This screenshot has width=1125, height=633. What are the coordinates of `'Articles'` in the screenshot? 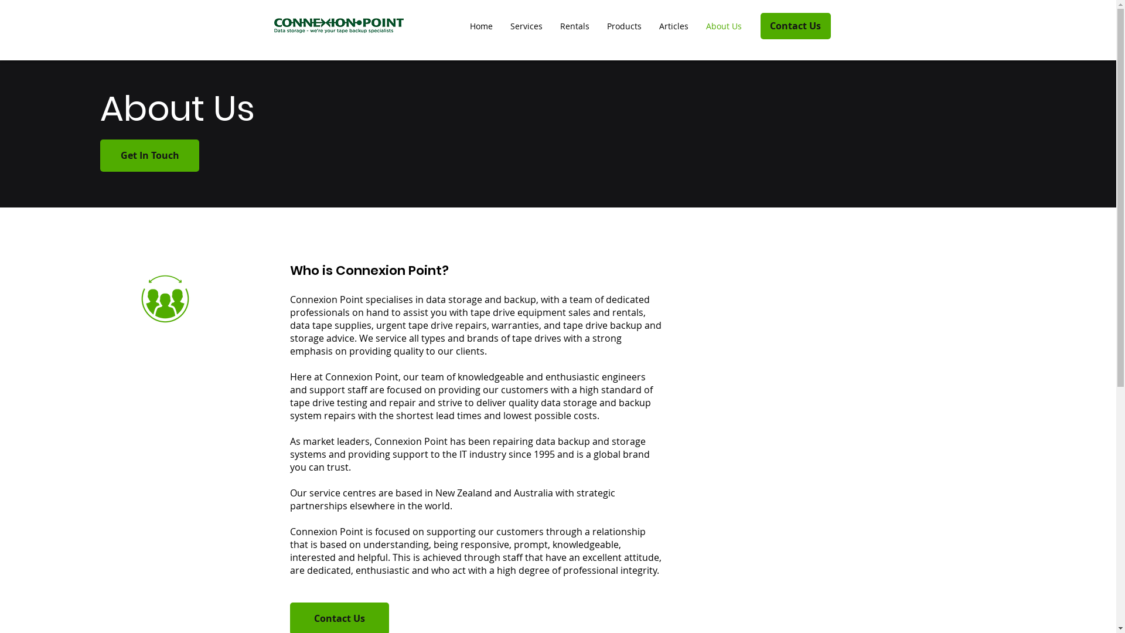 It's located at (674, 26).